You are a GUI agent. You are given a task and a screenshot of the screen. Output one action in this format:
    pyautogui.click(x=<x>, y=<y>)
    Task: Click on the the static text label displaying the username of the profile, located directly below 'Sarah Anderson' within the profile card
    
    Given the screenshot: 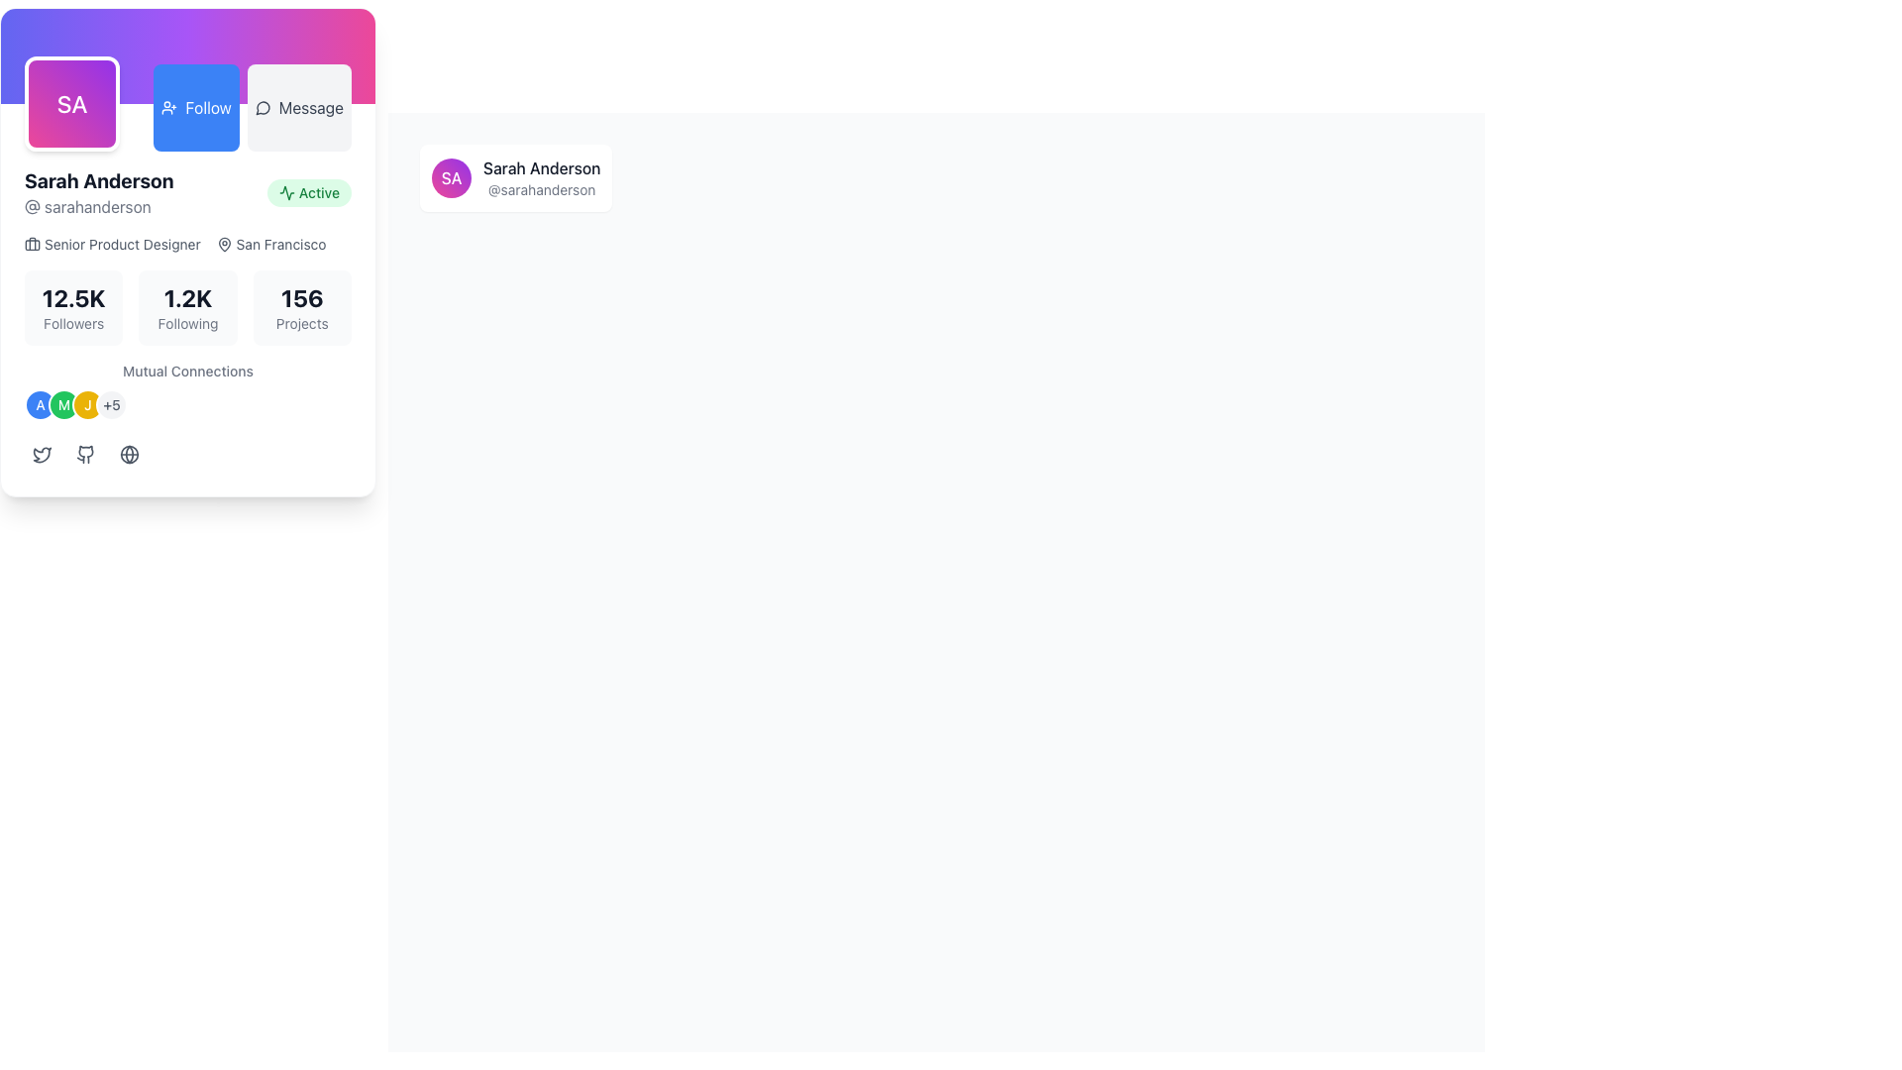 What is the action you would take?
    pyautogui.click(x=98, y=206)
    